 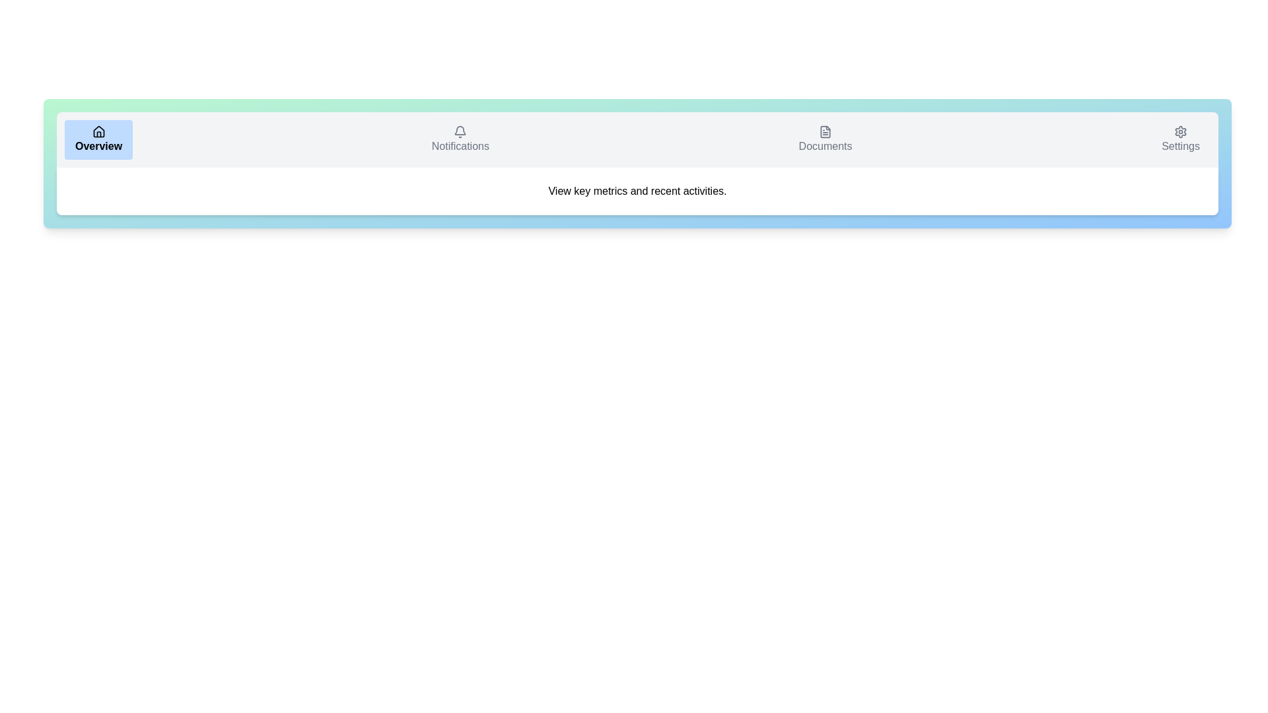 What do you see at coordinates (824, 140) in the screenshot?
I see `the Documents tab to view its hover state` at bounding box center [824, 140].